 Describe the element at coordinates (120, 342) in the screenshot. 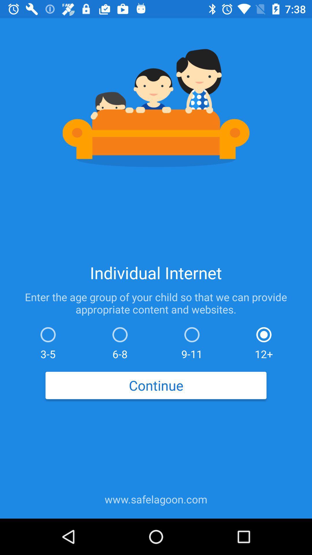

I see `6-8 item` at that location.